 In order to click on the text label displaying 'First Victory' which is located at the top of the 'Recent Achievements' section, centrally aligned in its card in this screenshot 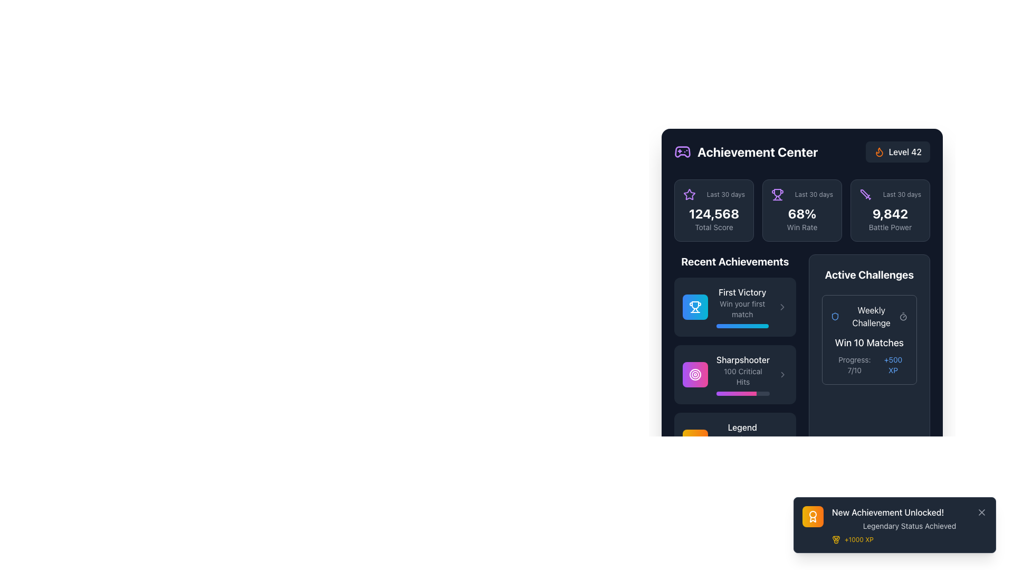, I will do `click(742, 292)`.